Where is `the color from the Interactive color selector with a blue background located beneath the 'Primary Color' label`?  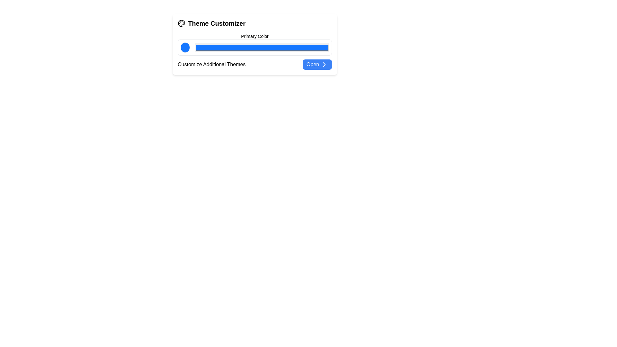
the color from the Interactive color selector with a blue background located beneath the 'Primary Color' label is located at coordinates (254, 44).